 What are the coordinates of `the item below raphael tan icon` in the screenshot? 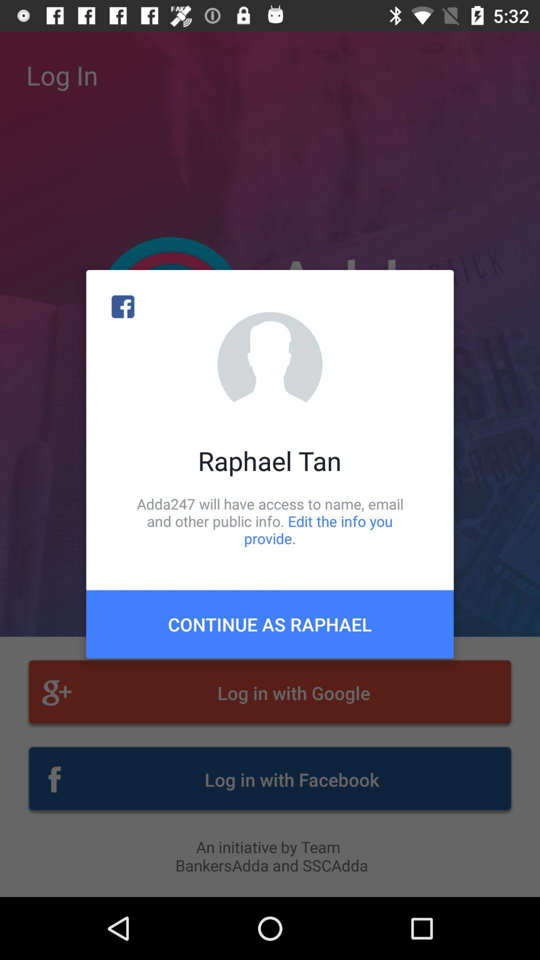 It's located at (270, 520).